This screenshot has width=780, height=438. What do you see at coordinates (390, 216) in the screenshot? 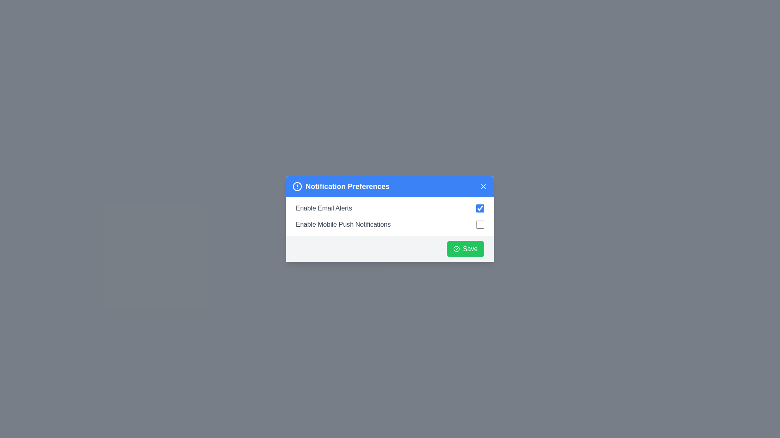
I see `the checkbox for 'Enable Email Alerts' in the Notification Preferences modal dialog` at bounding box center [390, 216].